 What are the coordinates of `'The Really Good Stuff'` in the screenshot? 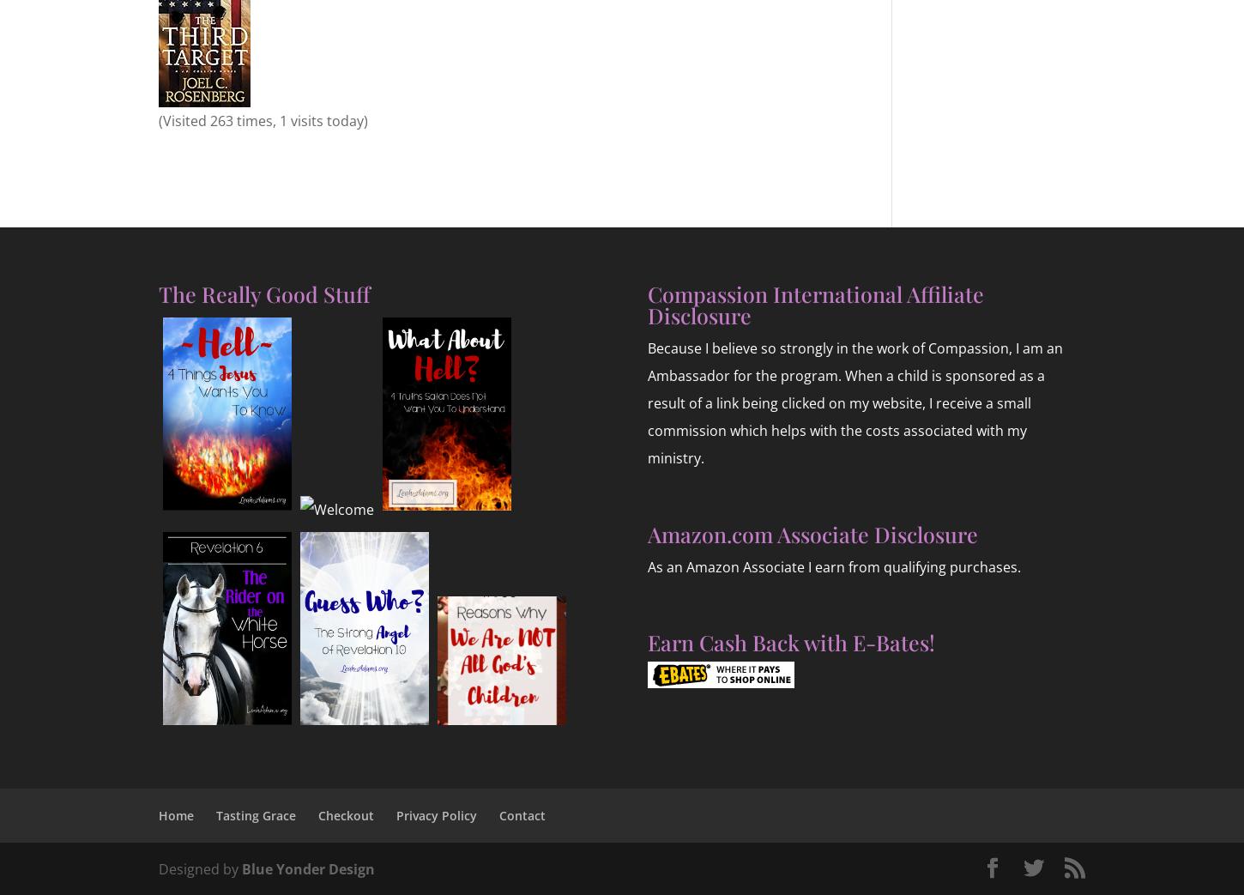 It's located at (264, 293).